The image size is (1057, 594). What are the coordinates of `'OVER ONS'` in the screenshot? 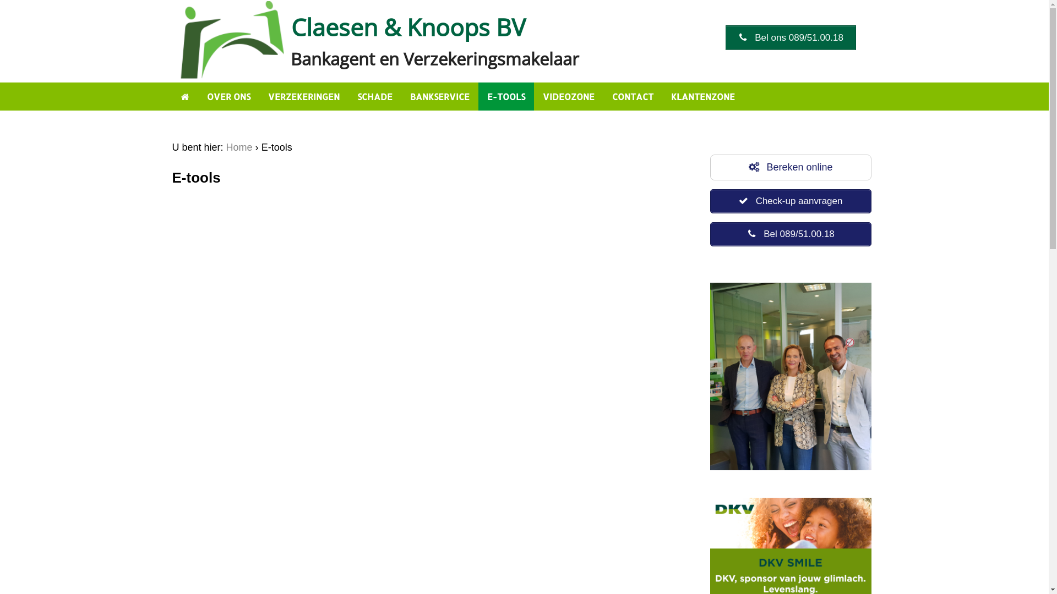 It's located at (228, 96).